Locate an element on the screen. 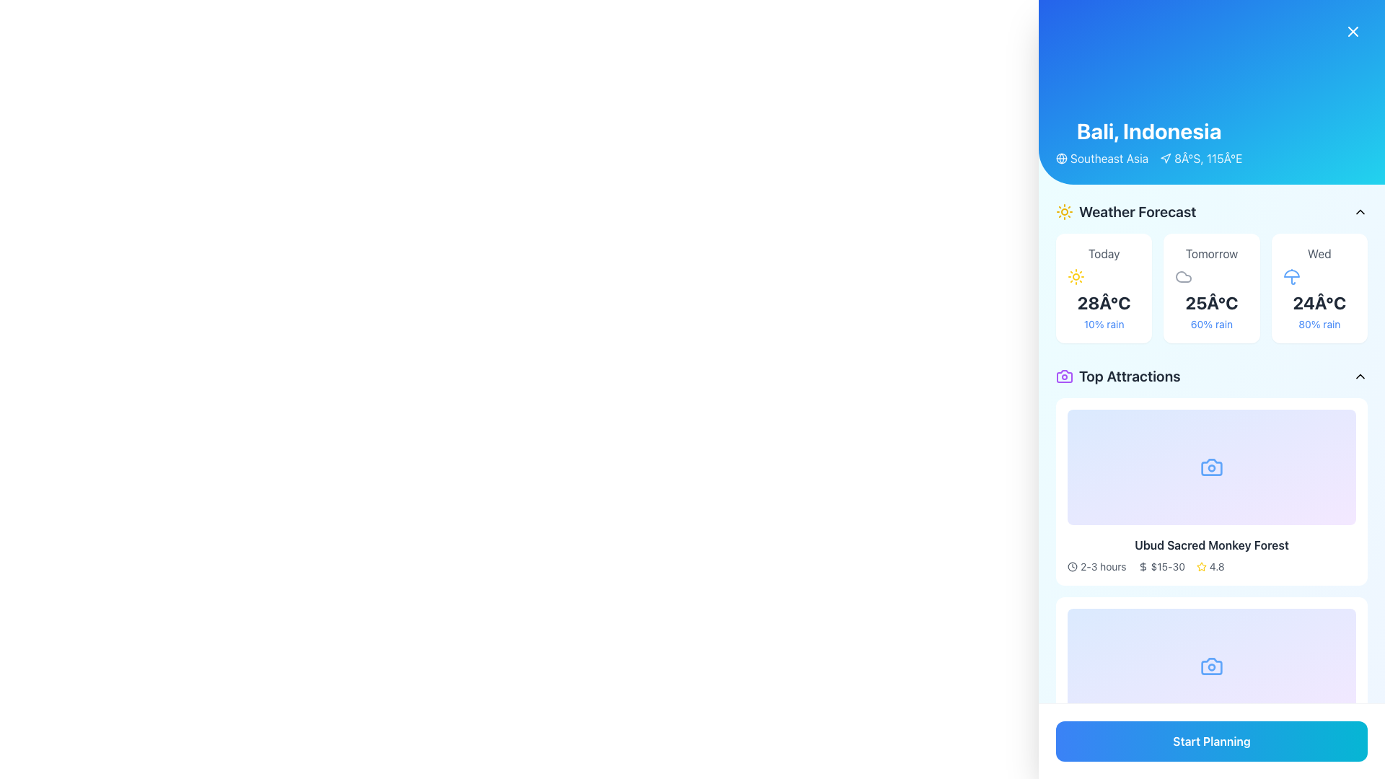 The height and width of the screenshot is (779, 1385). the informational row element displaying duration, cost, and ratings for the 'Ubud Sacred Monkey Forest' is located at coordinates (1212, 566).